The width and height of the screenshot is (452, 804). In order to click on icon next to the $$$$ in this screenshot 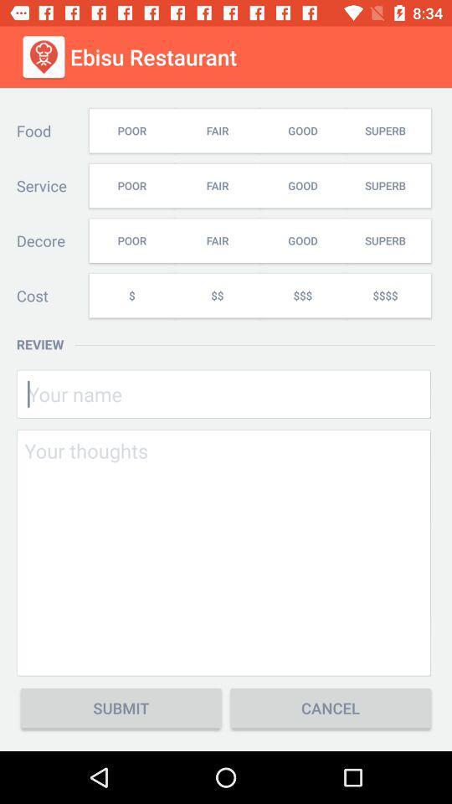, I will do `click(301, 296)`.